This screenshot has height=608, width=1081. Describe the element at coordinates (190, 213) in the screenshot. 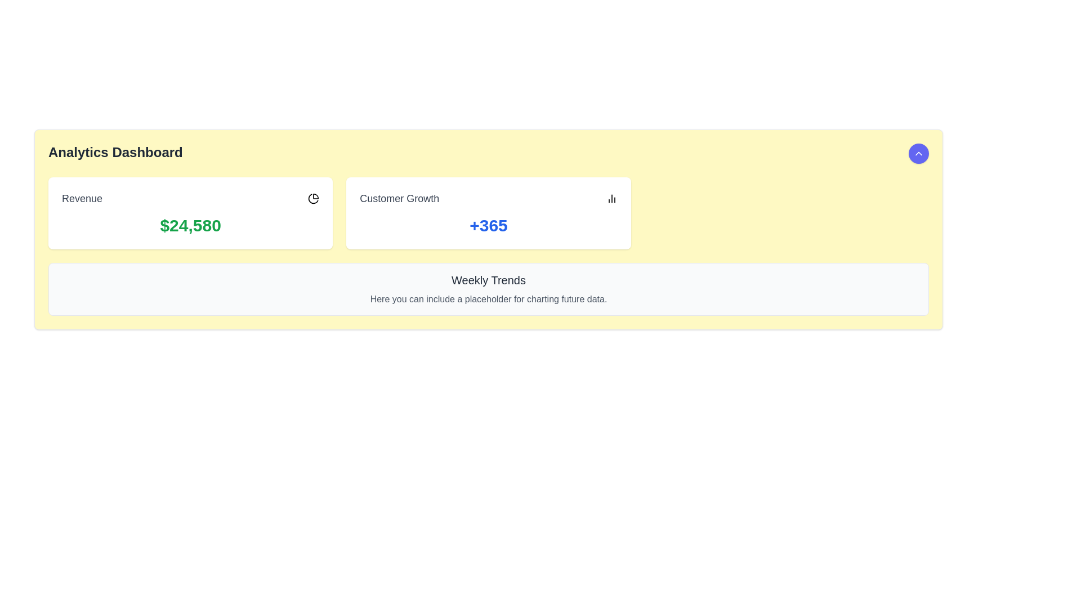

I see `the informational card displaying the revenue statistics of '$24,580', located in the leftmost section of a three-column grid layout` at that location.